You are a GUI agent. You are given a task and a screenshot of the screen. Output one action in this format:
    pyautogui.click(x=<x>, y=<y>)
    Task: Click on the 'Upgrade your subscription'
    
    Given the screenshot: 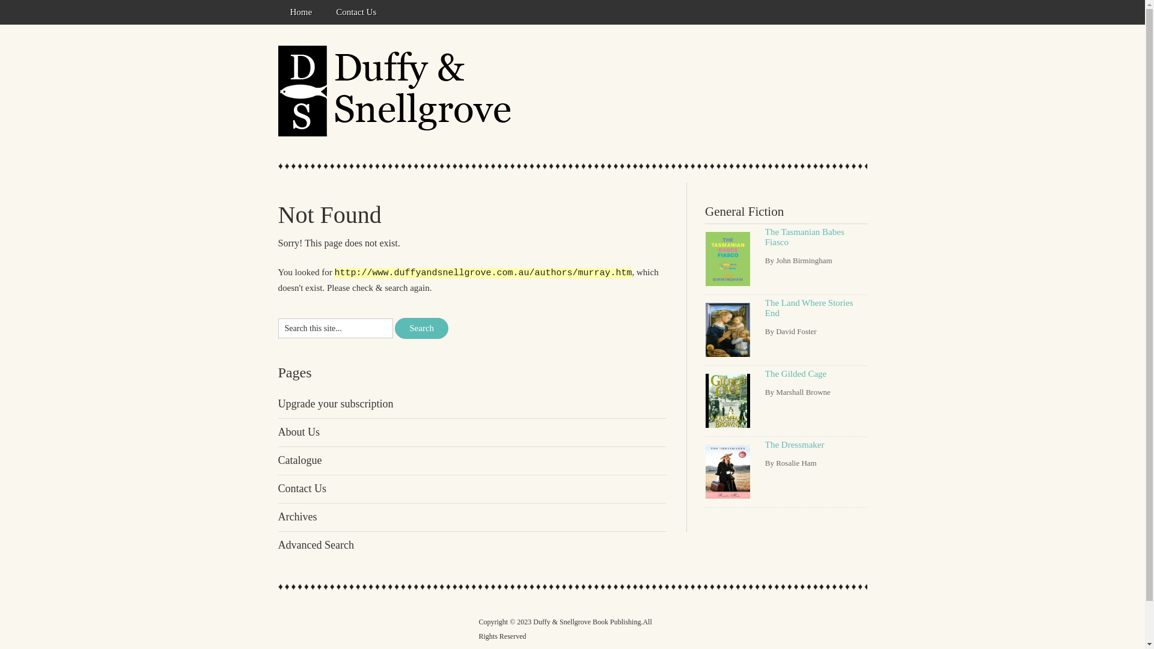 What is the action you would take?
    pyautogui.click(x=335, y=403)
    